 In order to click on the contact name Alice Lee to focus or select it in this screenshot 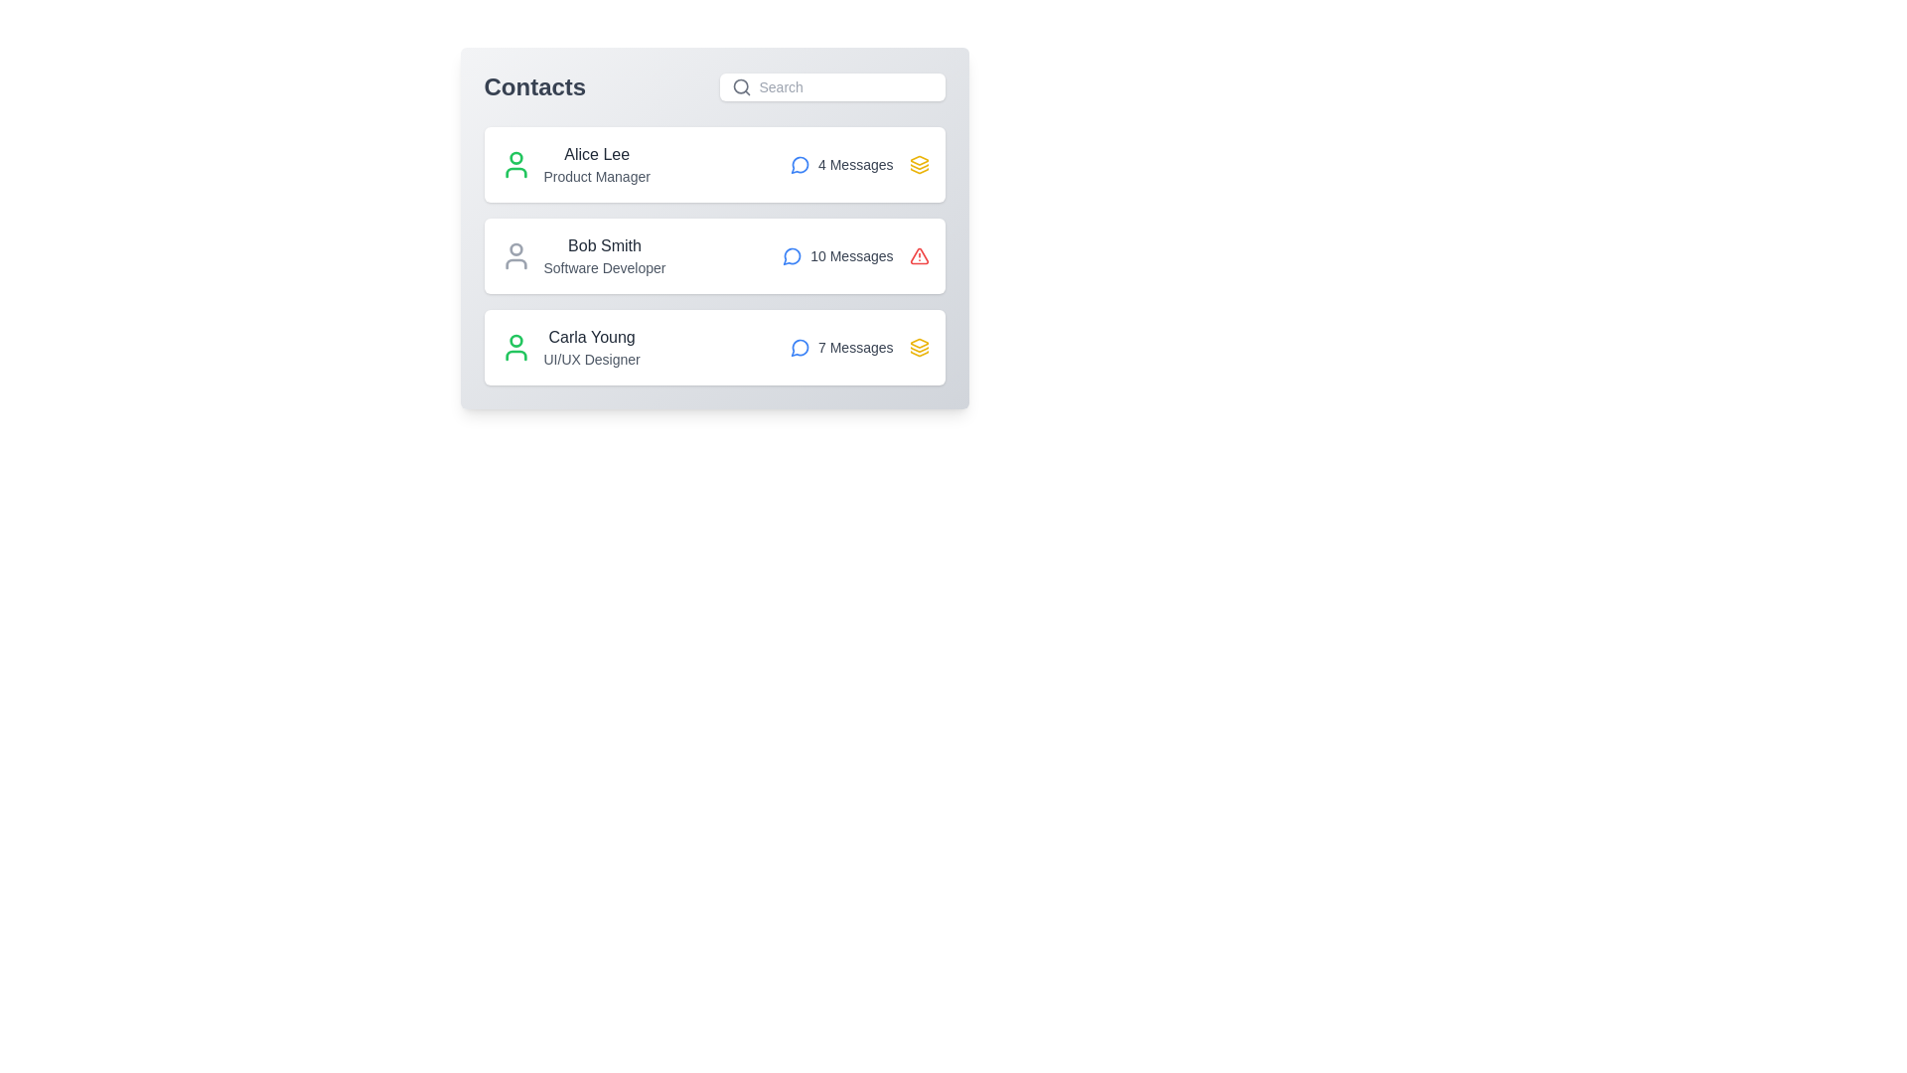, I will do `click(595, 153)`.